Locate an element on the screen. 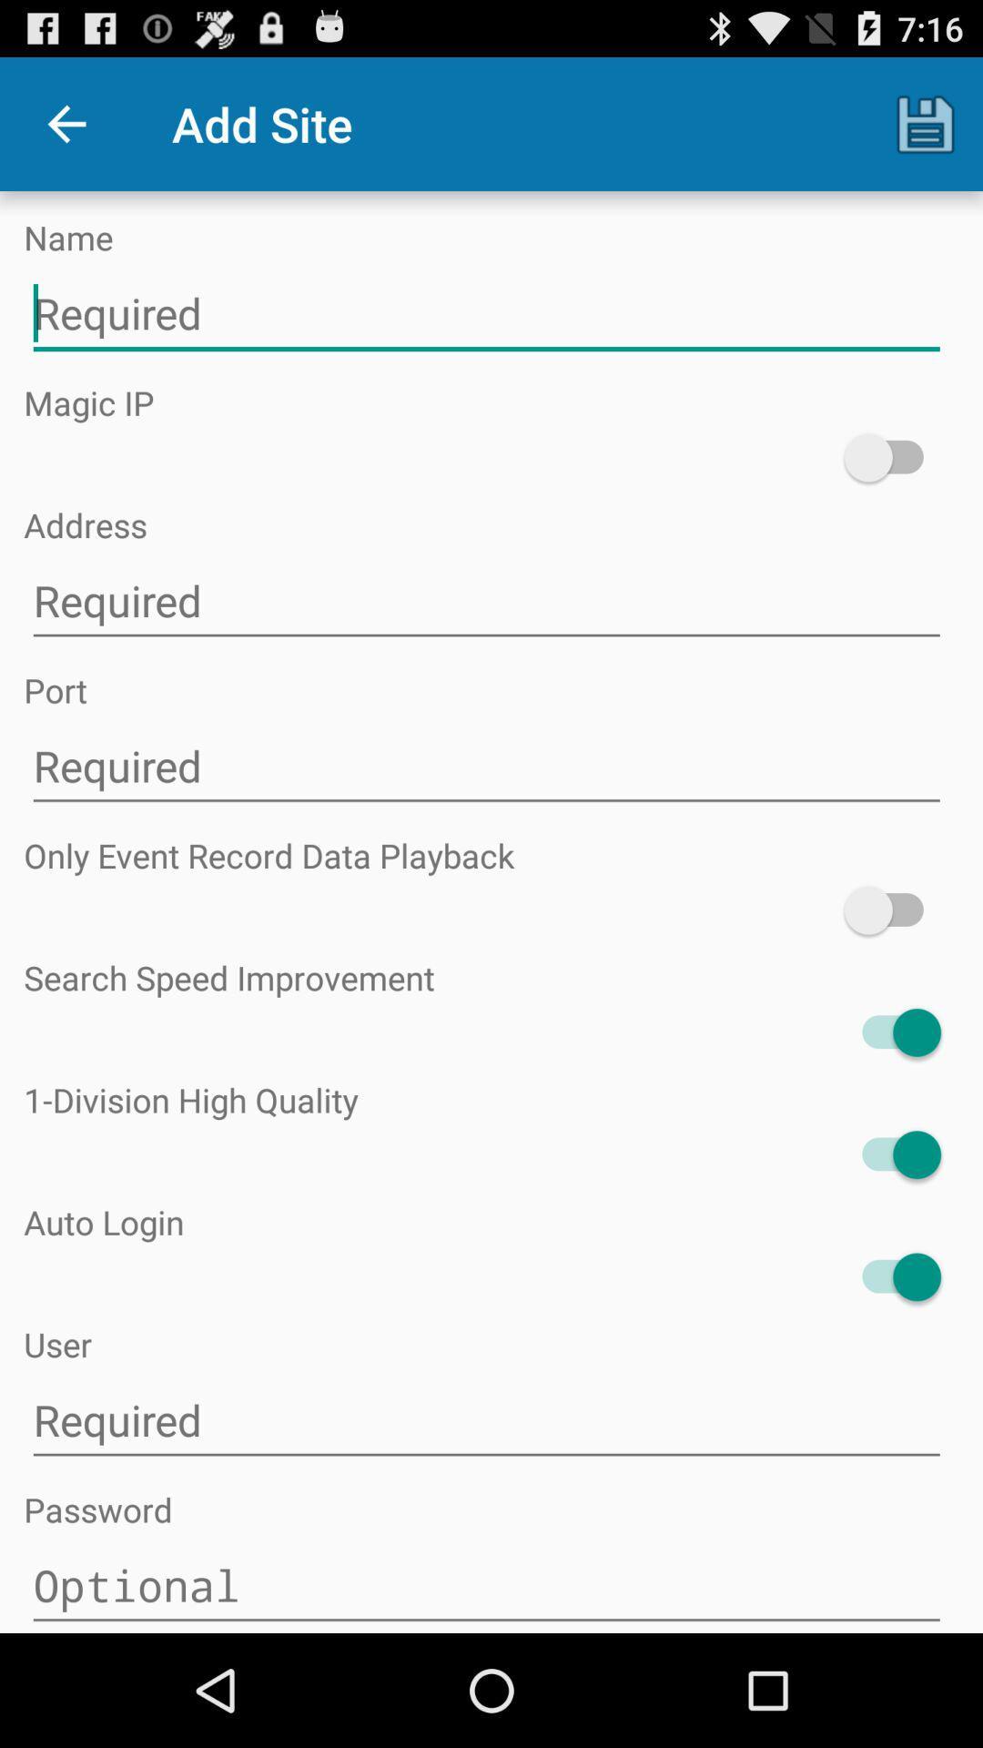 The image size is (983, 1748). check mark for actvate this function is located at coordinates (891, 457).